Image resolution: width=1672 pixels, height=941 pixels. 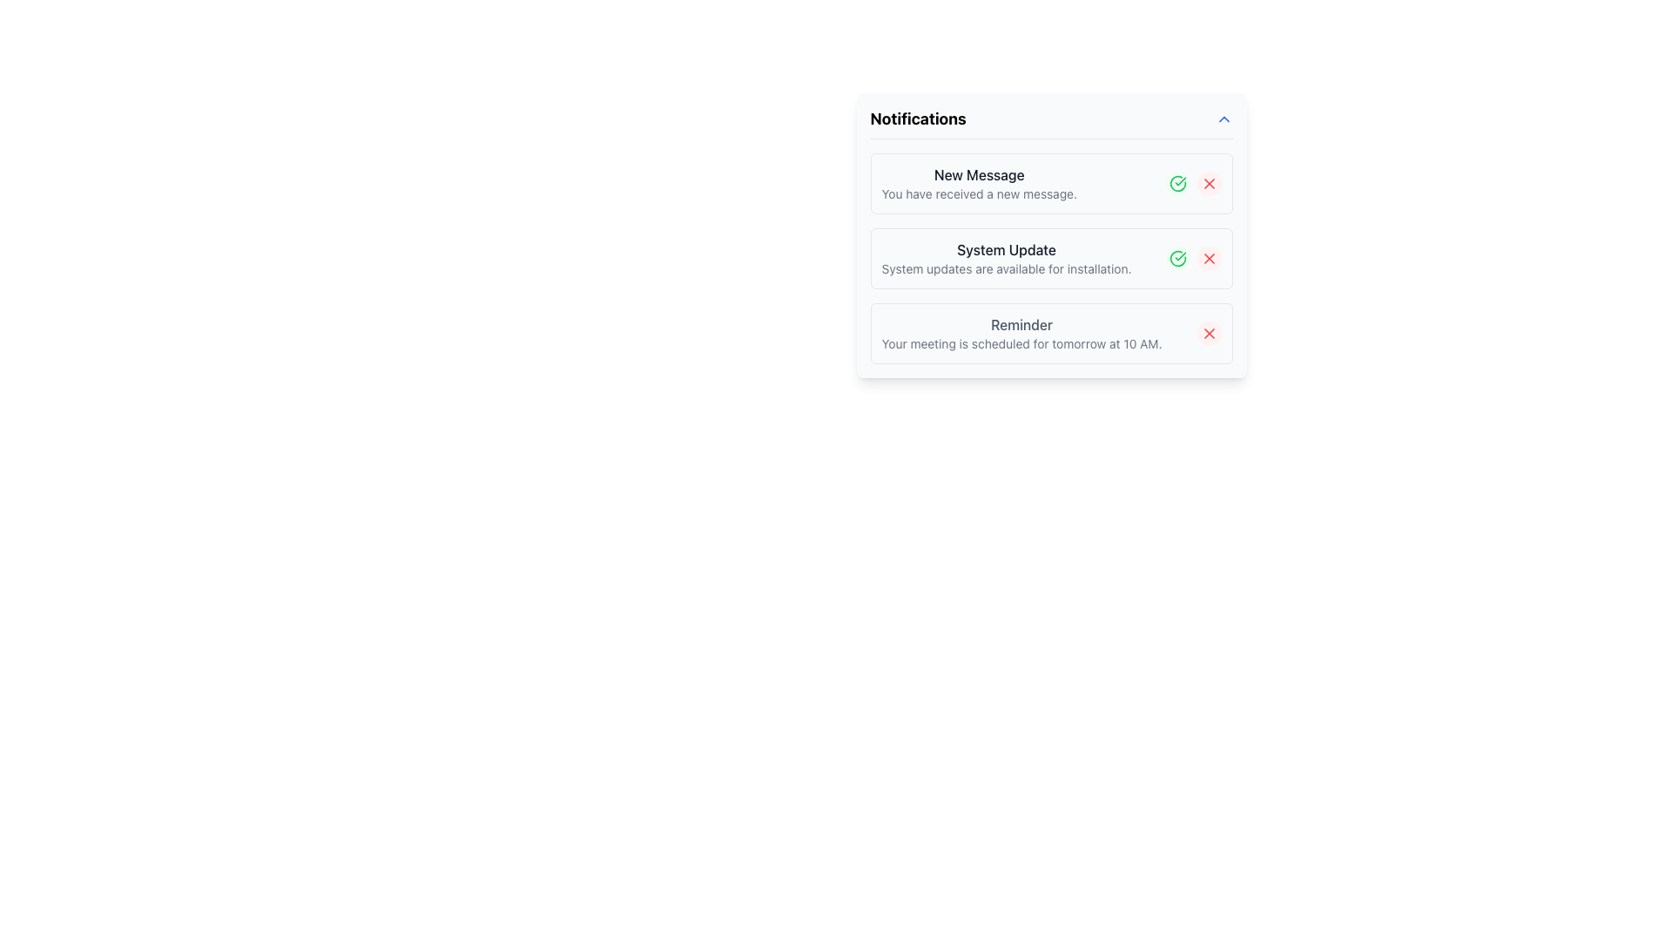 What do you see at coordinates (1007, 259) in the screenshot?
I see `notification from the second static text block in the 'Notifications' panel that informs users about available system updates` at bounding box center [1007, 259].